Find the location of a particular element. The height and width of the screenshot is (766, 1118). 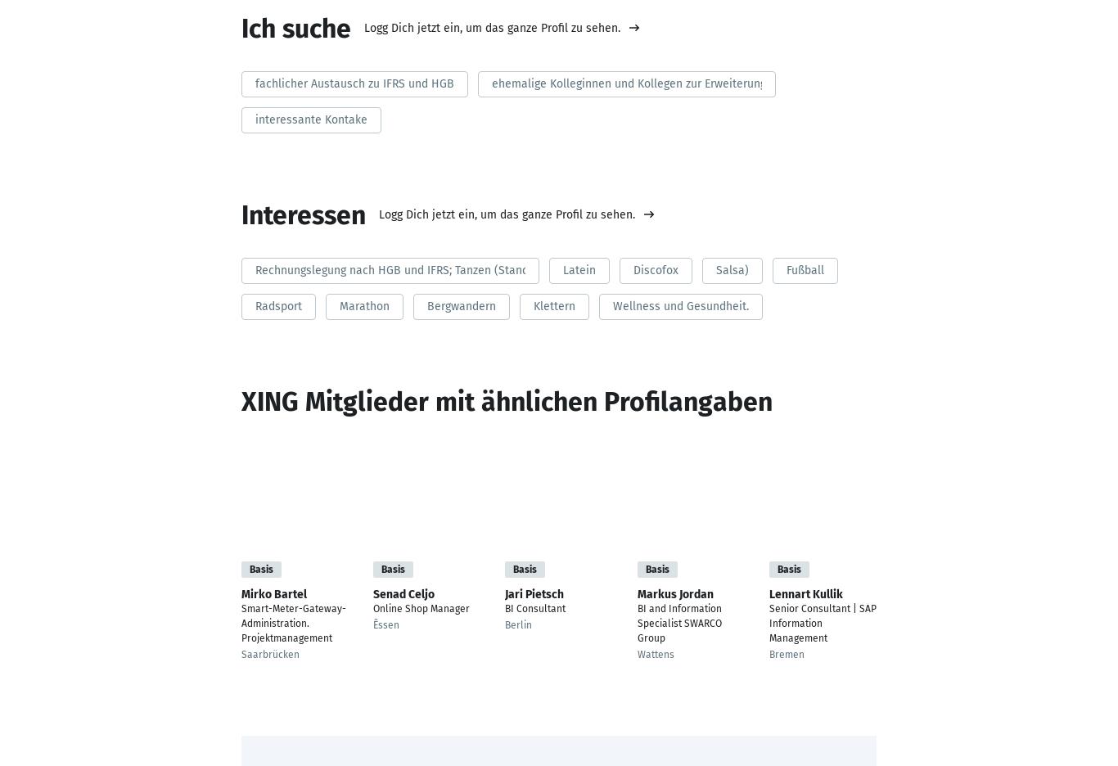

'XING Mitglieder mit ähnlichen Profilangaben' is located at coordinates (240, 399).